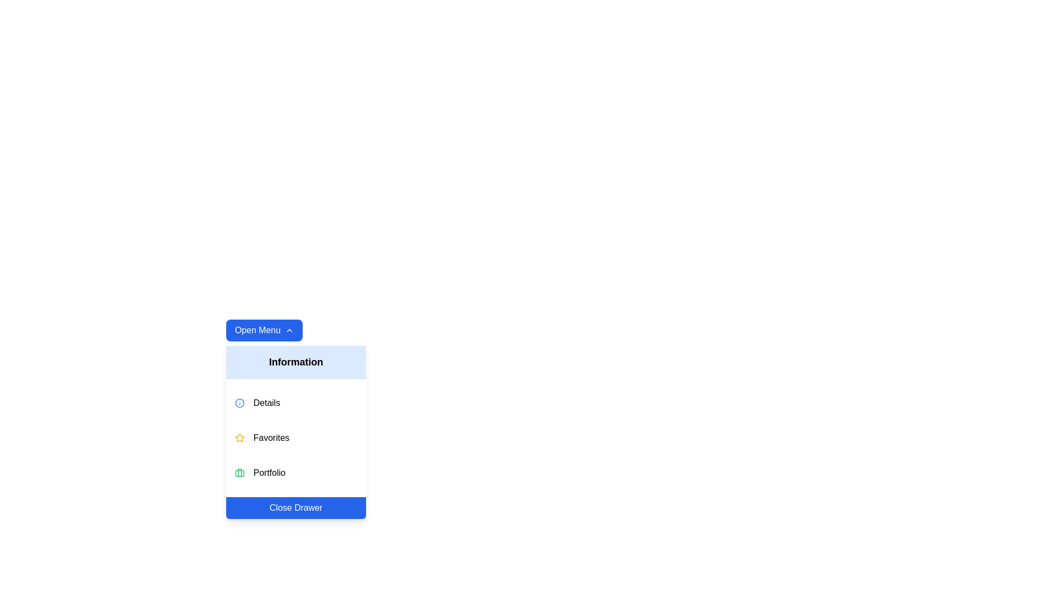 The height and width of the screenshot is (590, 1049). Describe the element at coordinates (296, 473) in the screenshot. I see `the 'Portfolio' button` at that location.